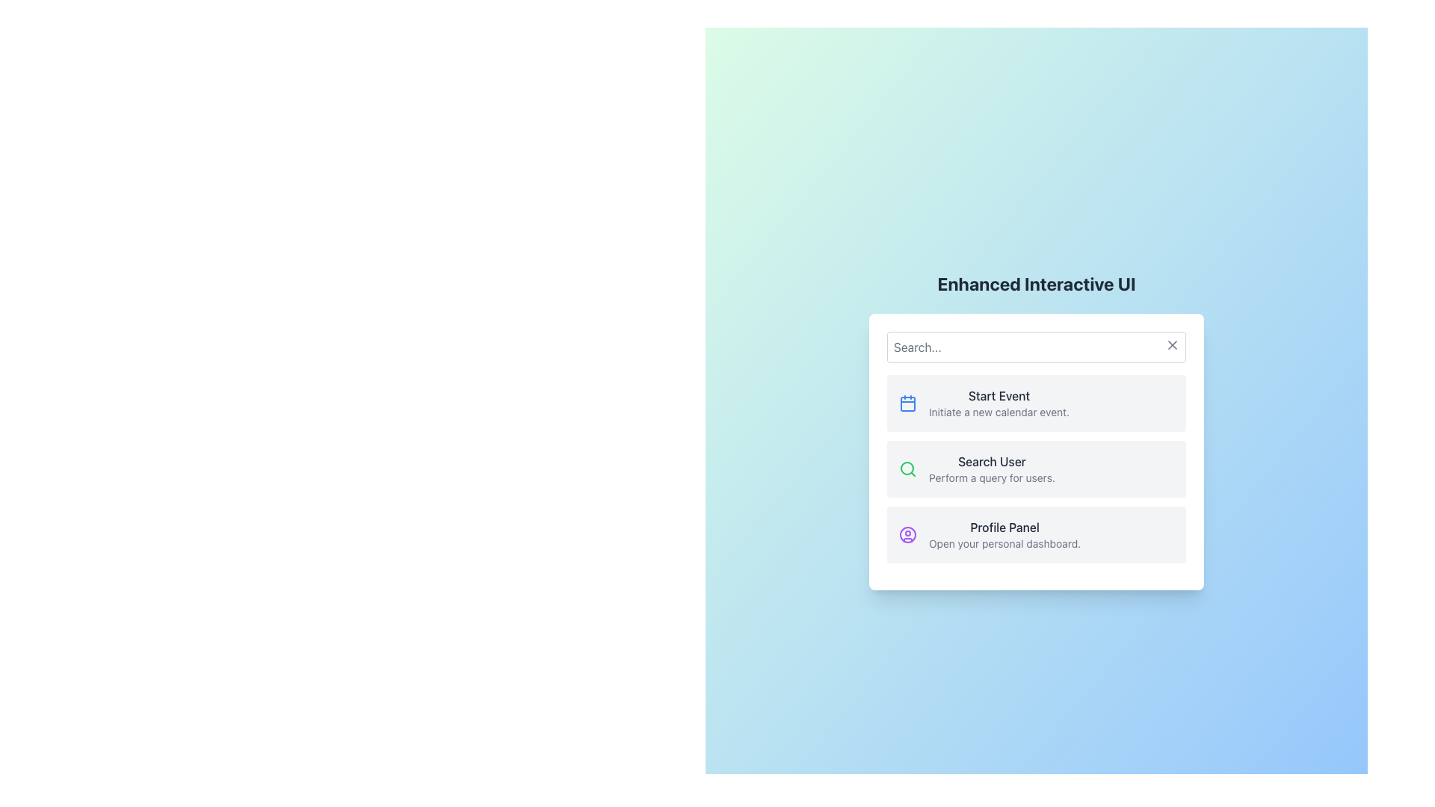 The image size is (1435, 807). What do you see at coordinates (1036, 469) in the screenshot?
I see `the 'Search User' selectable menu item, which is the second item in a vertical list with a light gray background and a green search icon` at bounding box center [1036, 469].